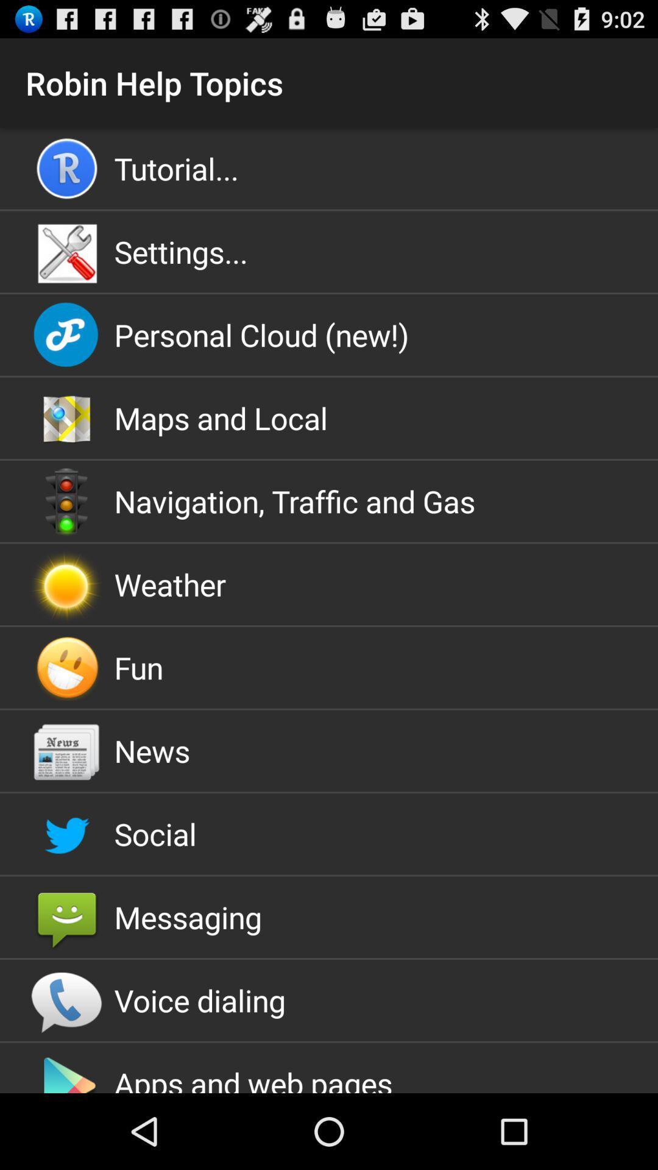  What do you see at coordinates (329, 168) in the screenshot?
I see `the  tutorial... app` at bounding box center [329, 168].